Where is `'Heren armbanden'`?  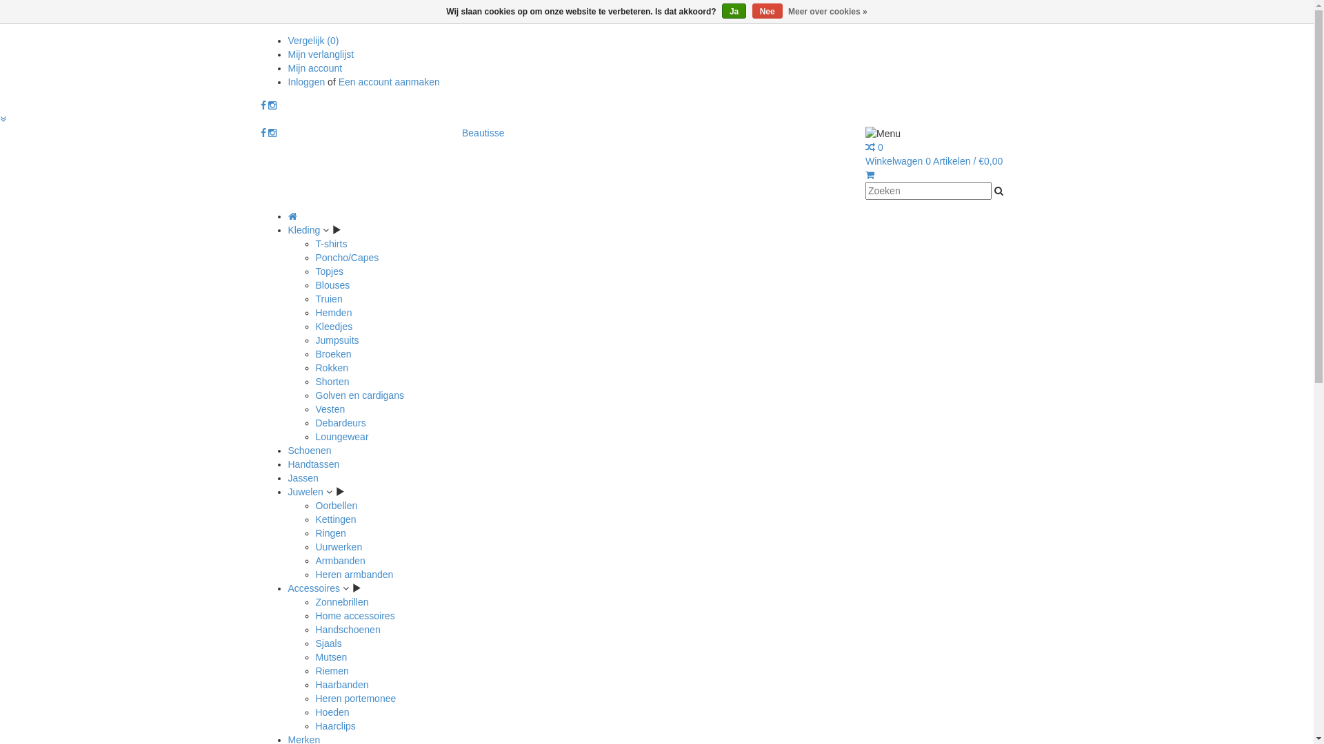 'Heren armbanden' is located at coordinates (354, 574).